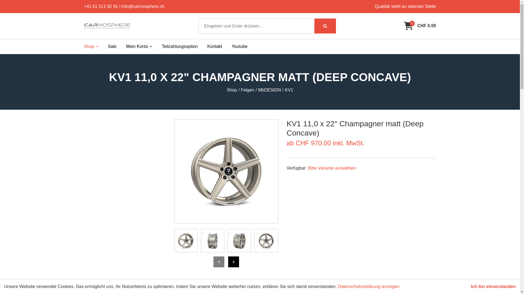 The image size is (524, 294). What do you see at coordinates (471, 286) in the screenshot?
I see `'Ich bin einverstanden'` at bounding box center [471, 286].